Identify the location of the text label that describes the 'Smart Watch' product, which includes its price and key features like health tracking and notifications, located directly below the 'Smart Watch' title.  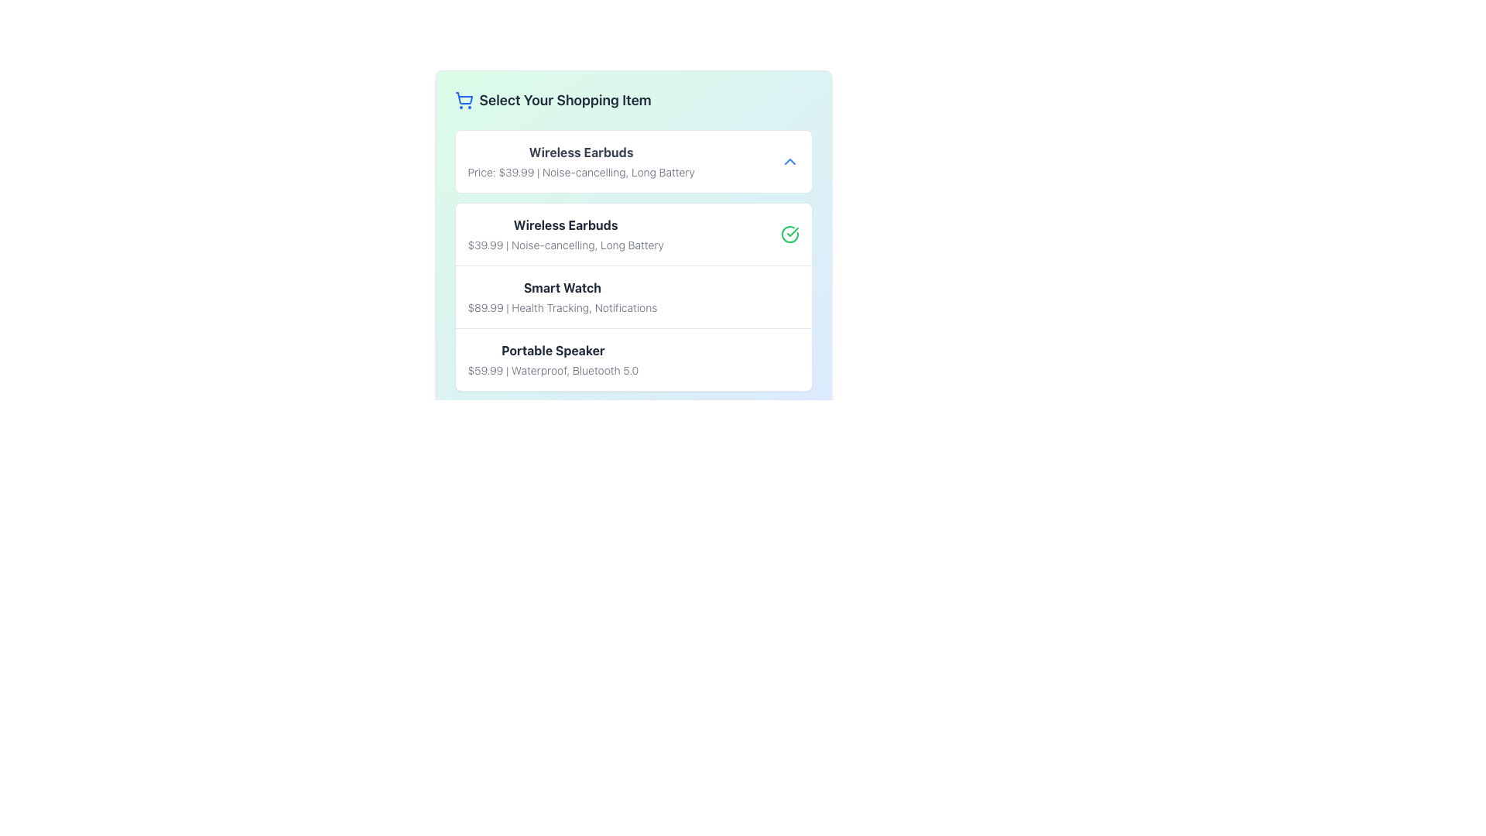
(561, 307).